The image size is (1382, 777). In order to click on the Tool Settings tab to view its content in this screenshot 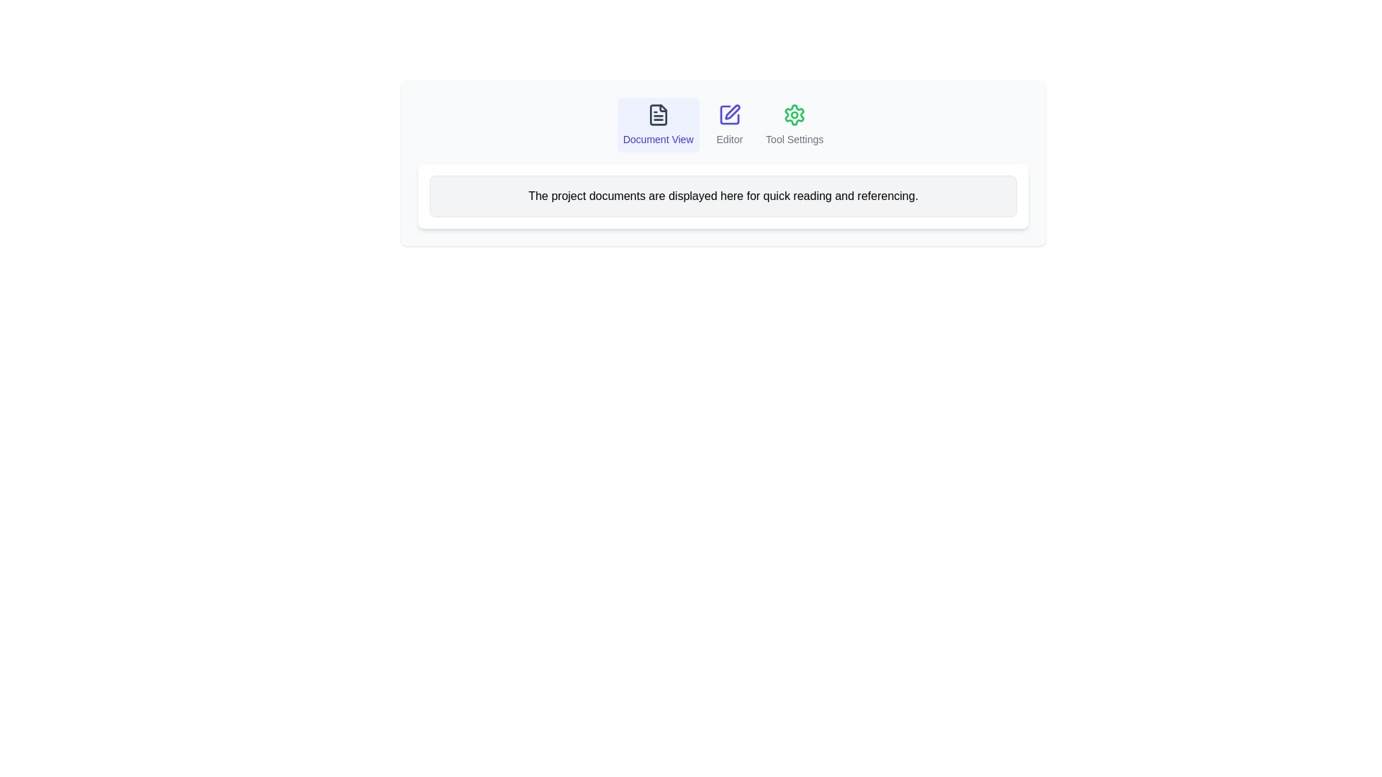, I will do `click(794, 124)`.